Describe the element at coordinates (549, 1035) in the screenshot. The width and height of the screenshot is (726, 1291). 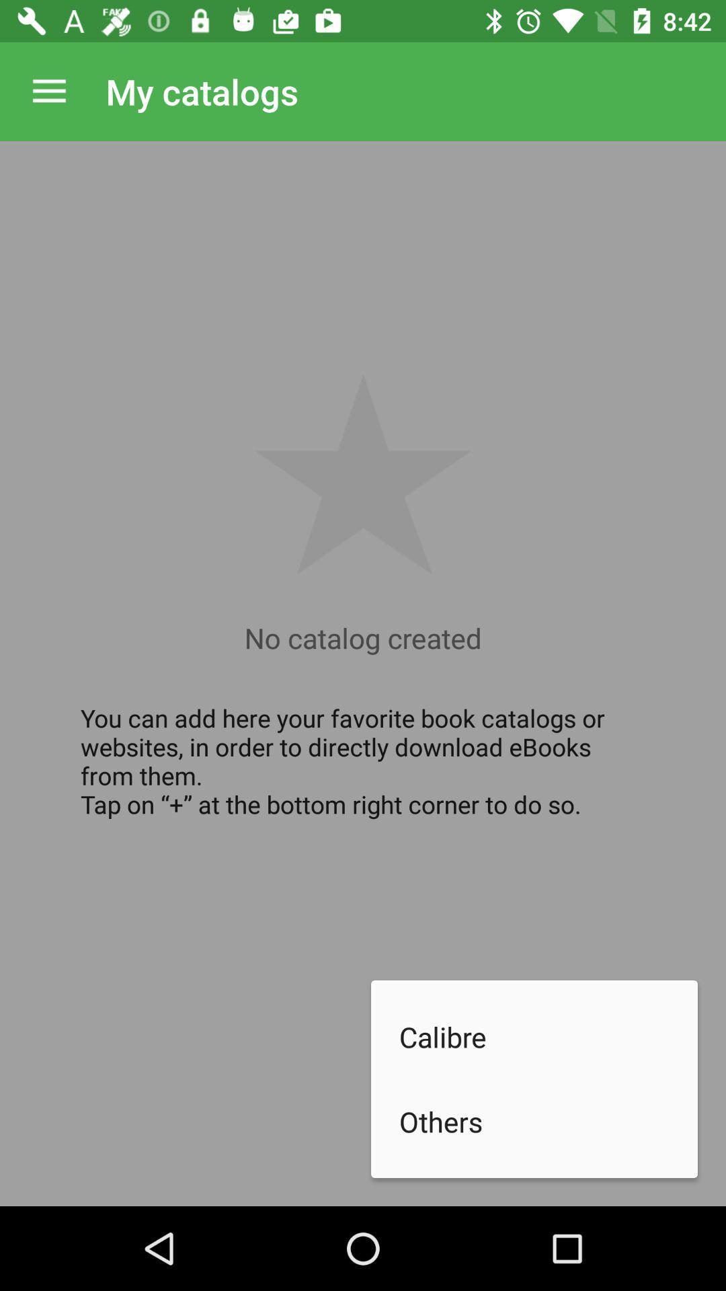
I see `icon below you can add` at that location.